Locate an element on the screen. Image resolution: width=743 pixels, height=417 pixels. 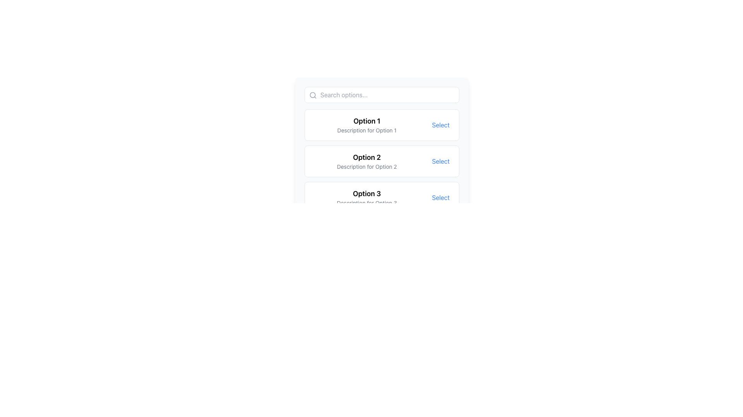
the 'Select' button with blue text color and rounded corners is located at coordinates (441, 125).